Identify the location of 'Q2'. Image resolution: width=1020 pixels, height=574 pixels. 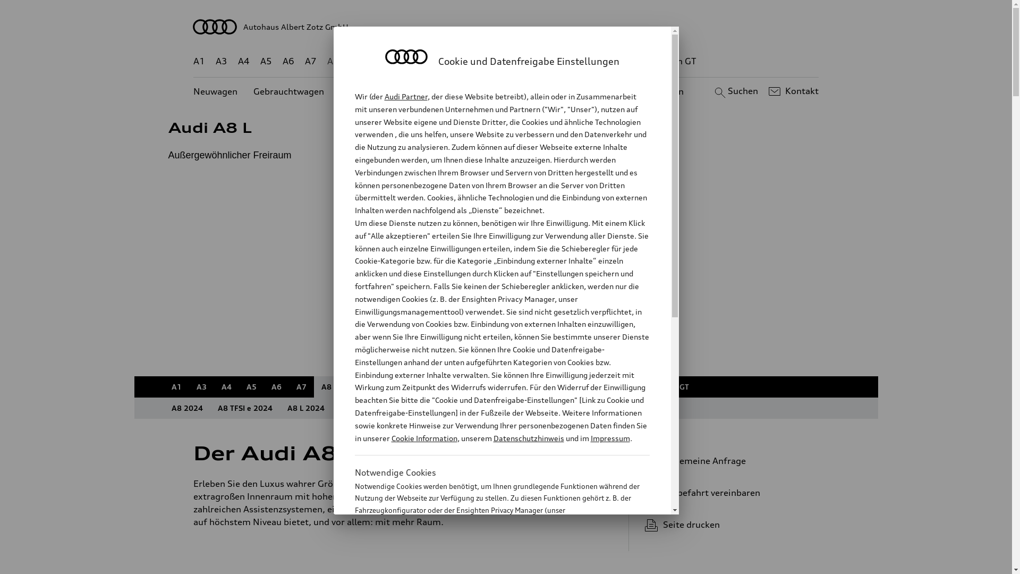
(349, 61).